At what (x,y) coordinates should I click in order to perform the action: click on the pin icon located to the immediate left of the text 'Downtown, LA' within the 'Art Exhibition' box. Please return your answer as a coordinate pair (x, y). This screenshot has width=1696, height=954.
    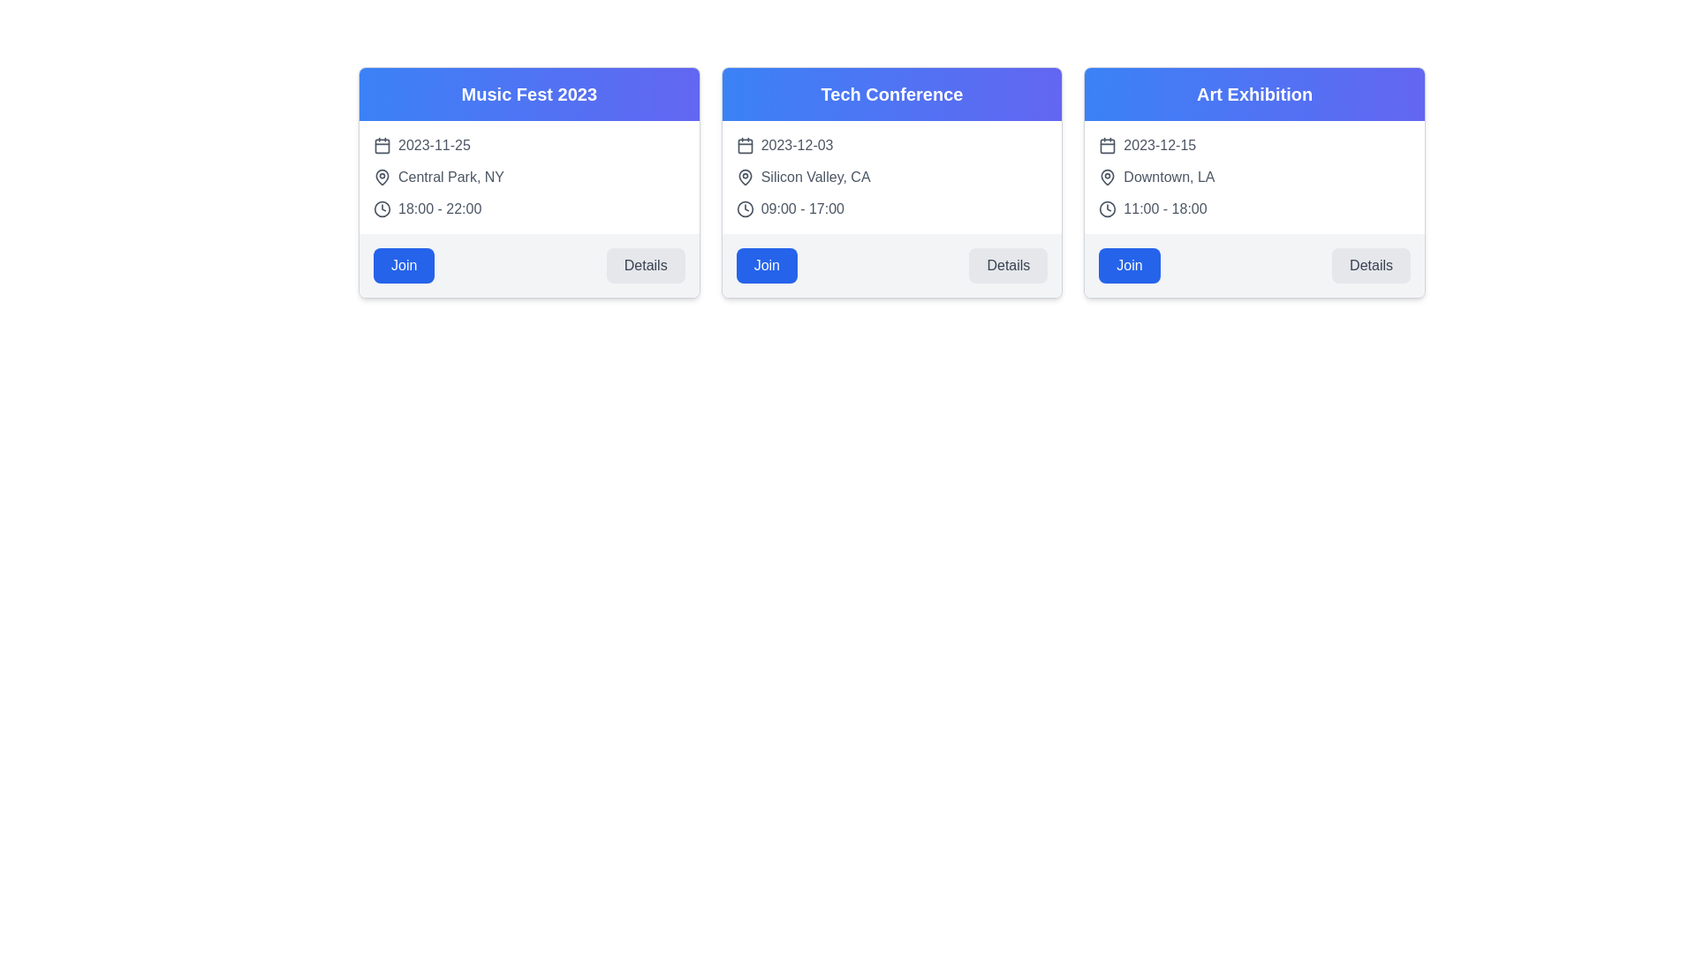
    Looking at the image, I should click on (1107, 177).